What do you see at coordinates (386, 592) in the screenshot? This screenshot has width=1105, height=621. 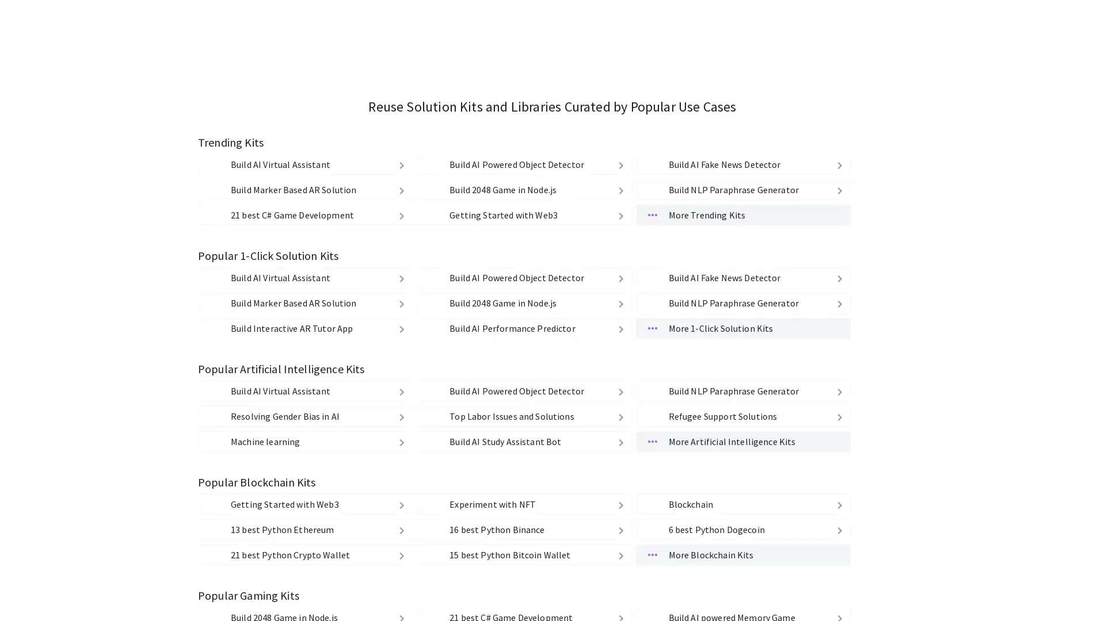 I see `delete` at bounding box center [386, 592].